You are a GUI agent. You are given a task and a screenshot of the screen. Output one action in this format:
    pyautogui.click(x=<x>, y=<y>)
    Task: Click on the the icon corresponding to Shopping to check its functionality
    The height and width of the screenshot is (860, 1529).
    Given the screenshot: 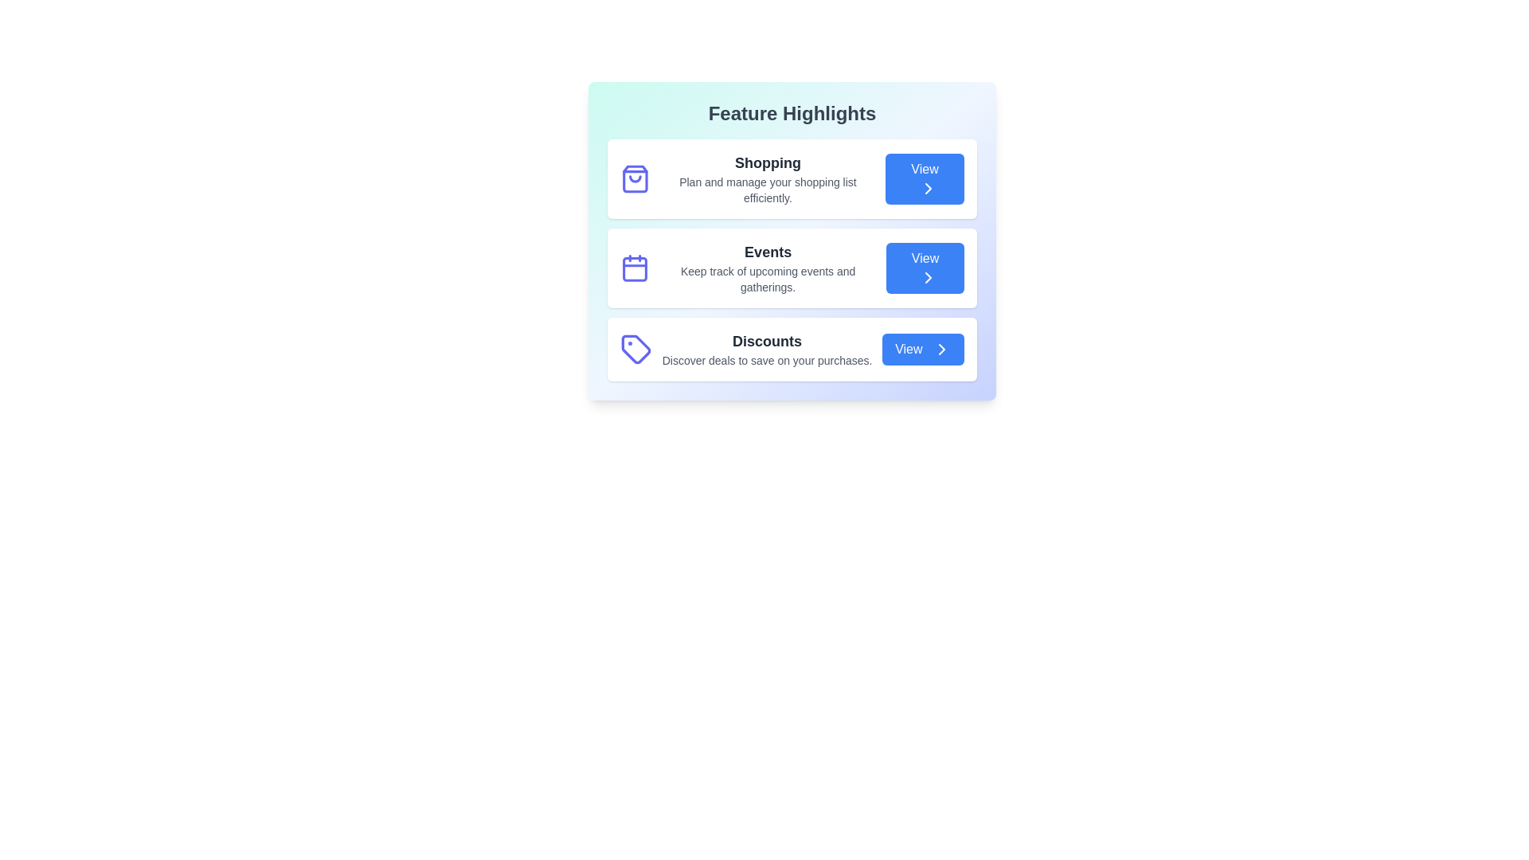 What is the action you would take?
    pyautogui.click(x=634, y=178)
    